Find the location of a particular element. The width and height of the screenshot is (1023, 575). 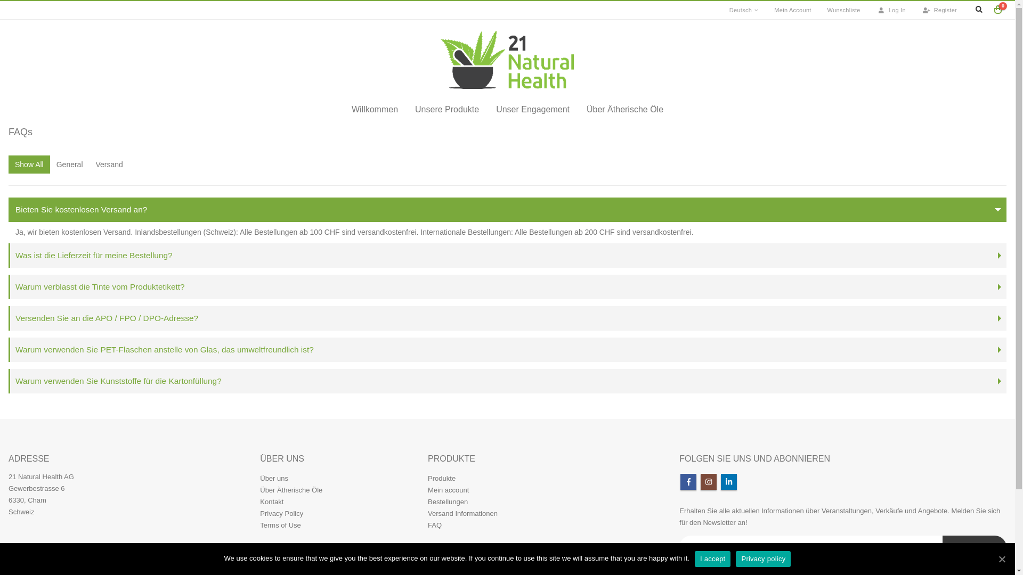

'Kontakt' is located at coordinates (260, 502).